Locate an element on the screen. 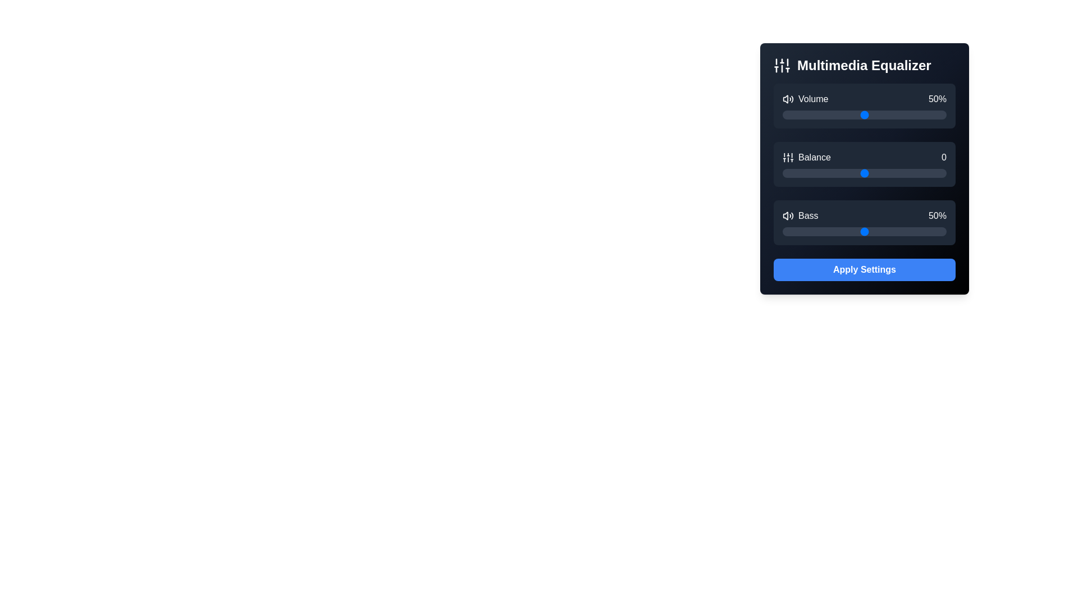 This screenshot has width=1078, height=606. the bass level is located at coordinates (835, 231).